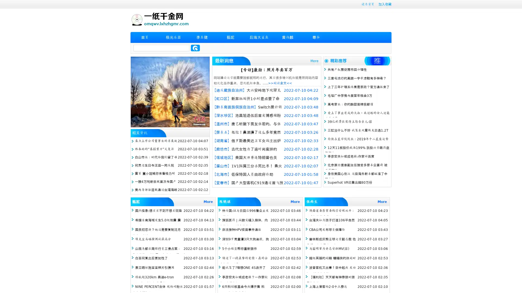  What do you see at coordinates (195, 48) in the screenshot?
I see `Search` at bounding box center [195, 48].